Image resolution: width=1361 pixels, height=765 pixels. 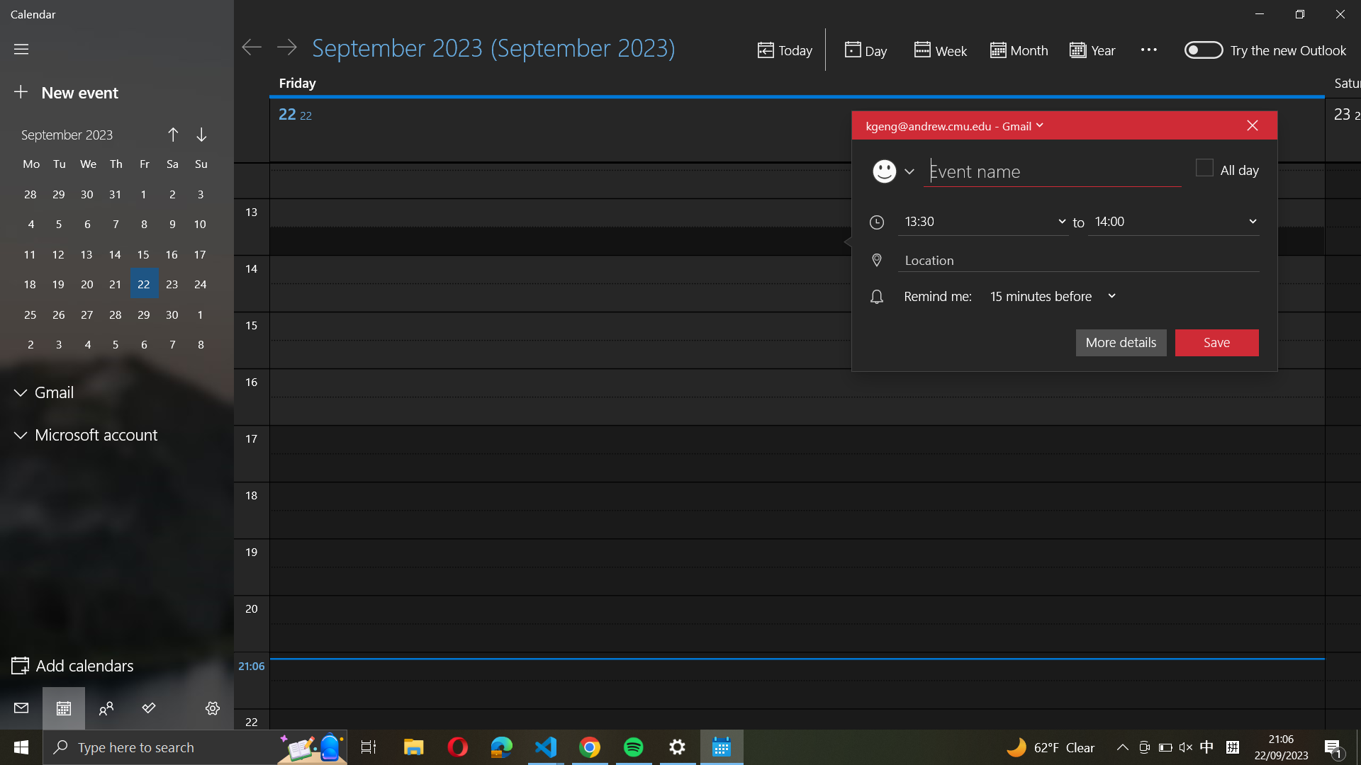 I want to click on Save the current event, so click(x=1216, y=341).